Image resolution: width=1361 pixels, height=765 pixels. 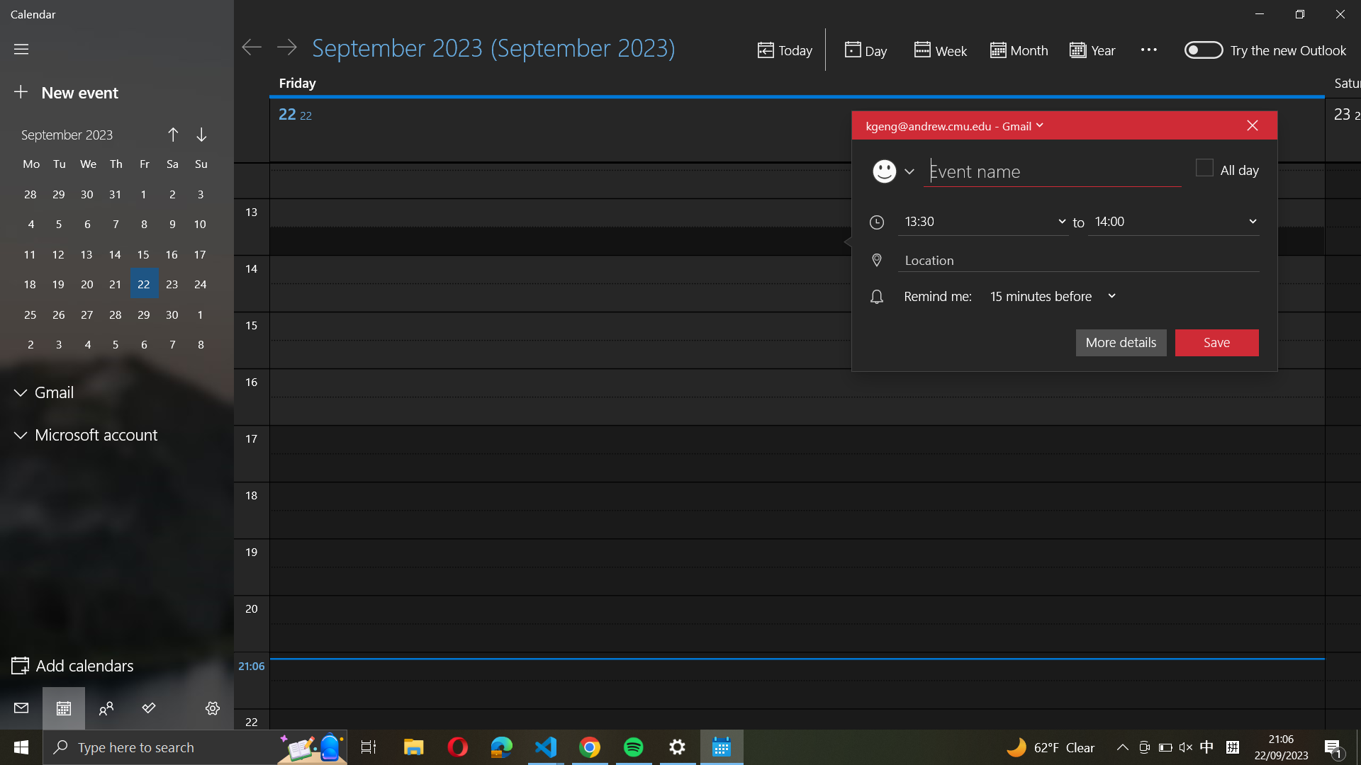 I want to click on Save the current event, so click(x=1216, y=341).